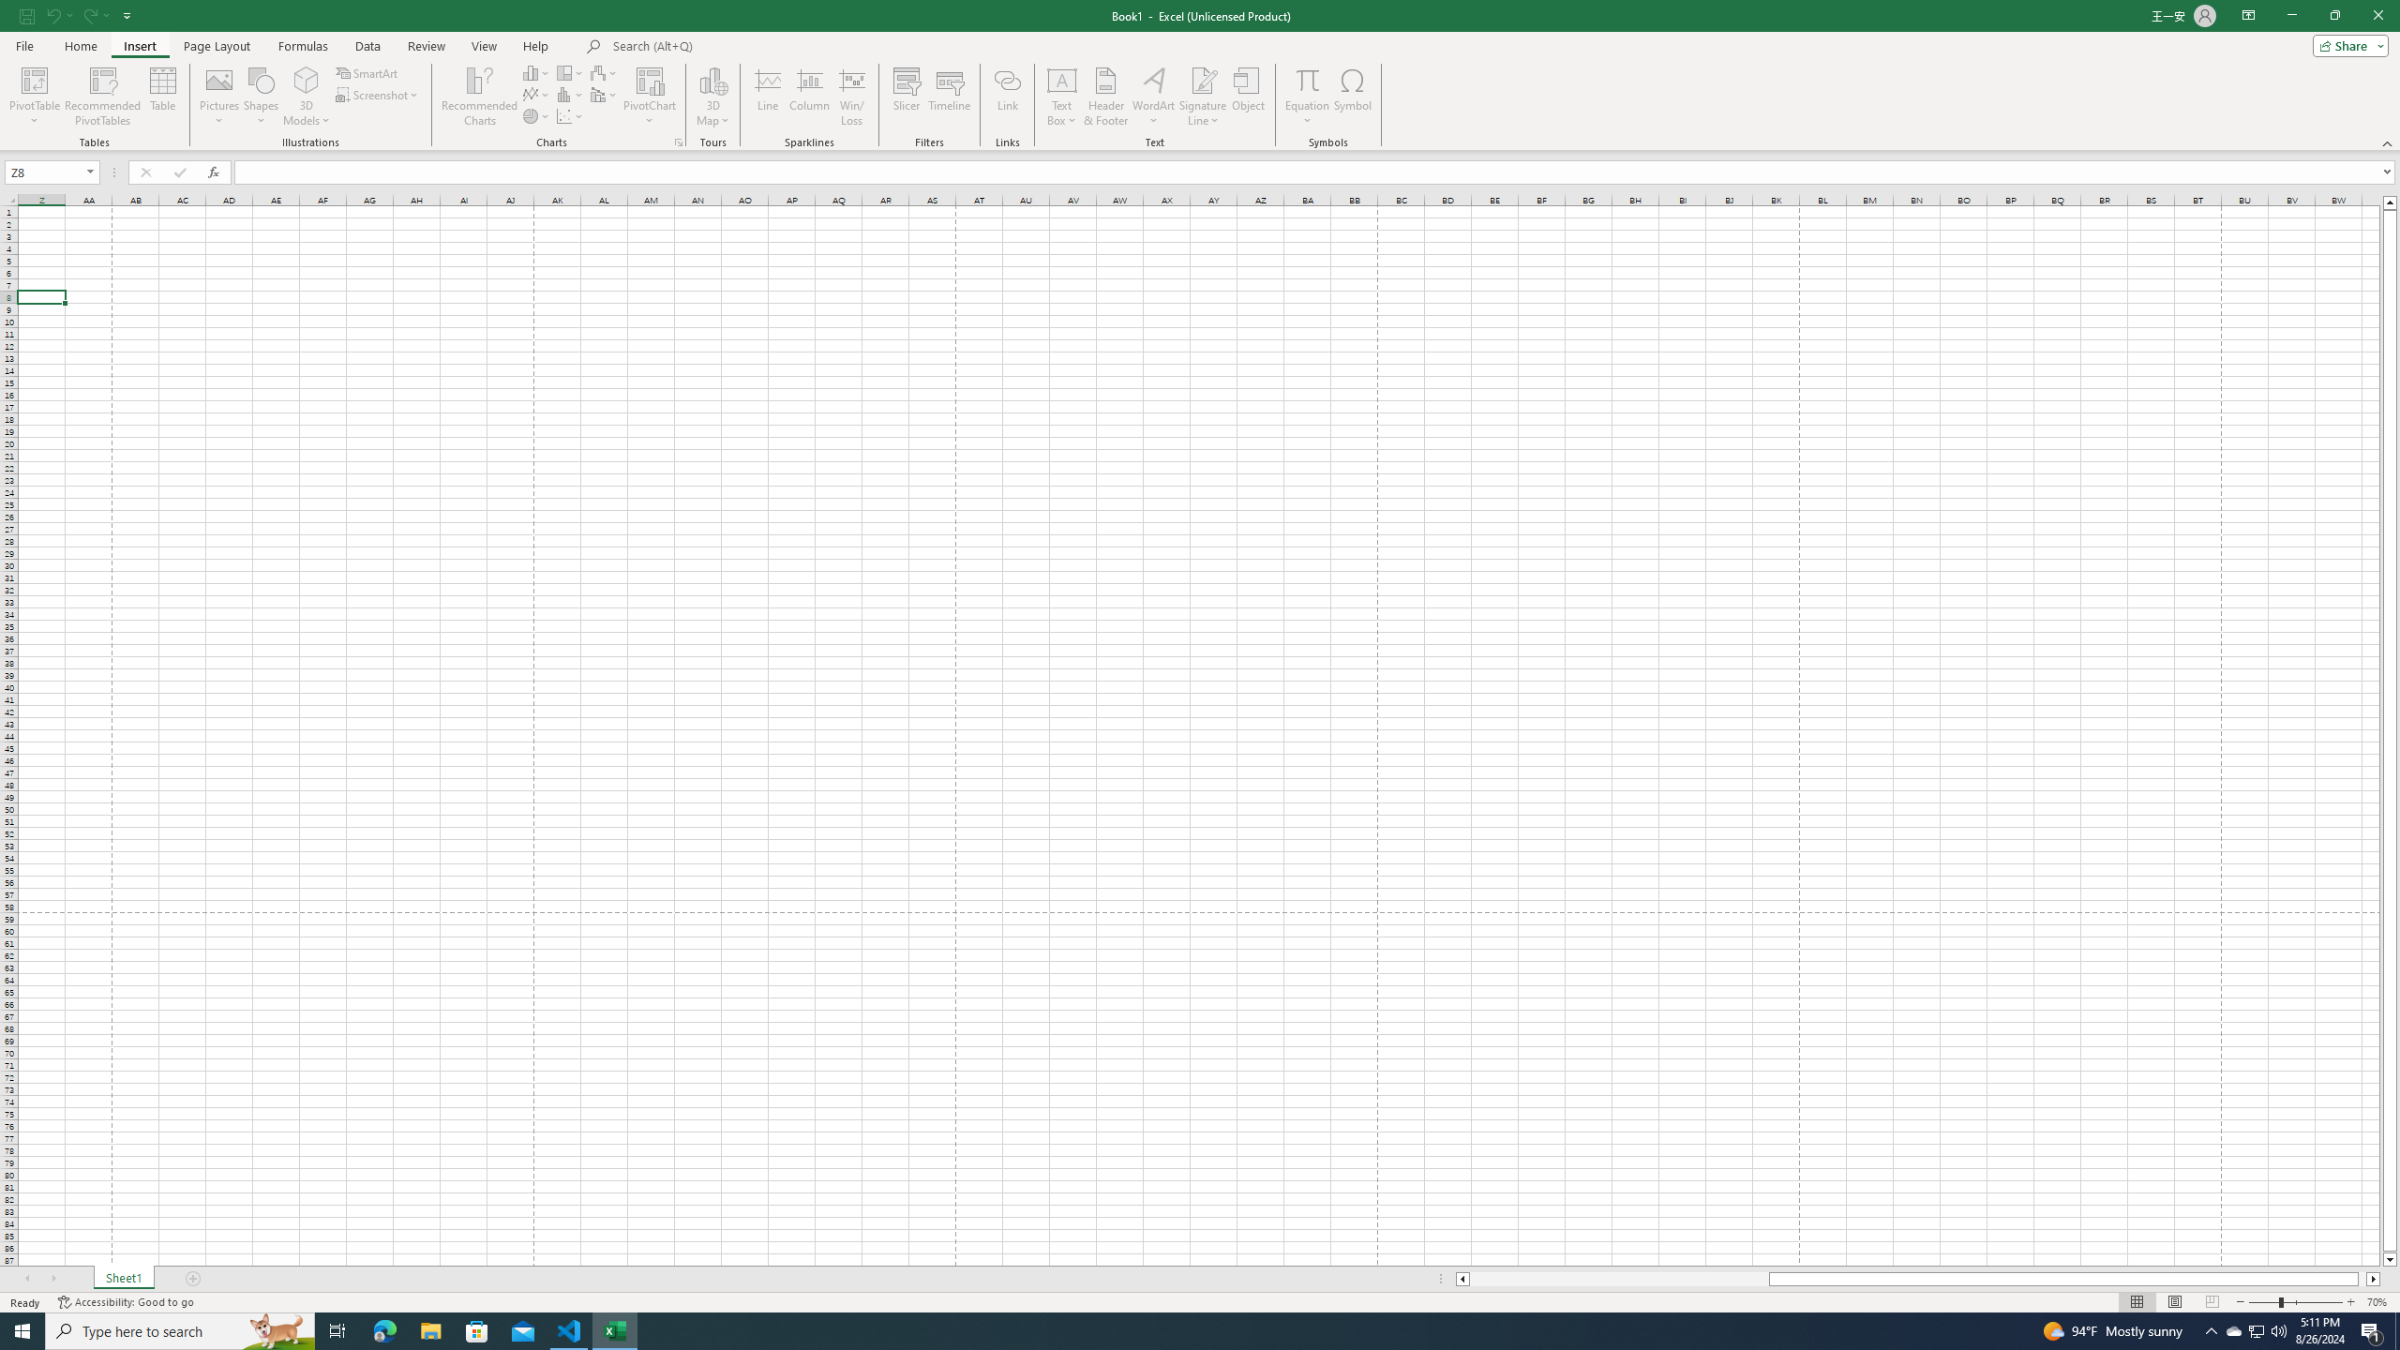 The image size is (2400, 1350). Describe the element at coordinates (1105, 97) in the screenshot. I see `'Header & Footer...'` at that location.